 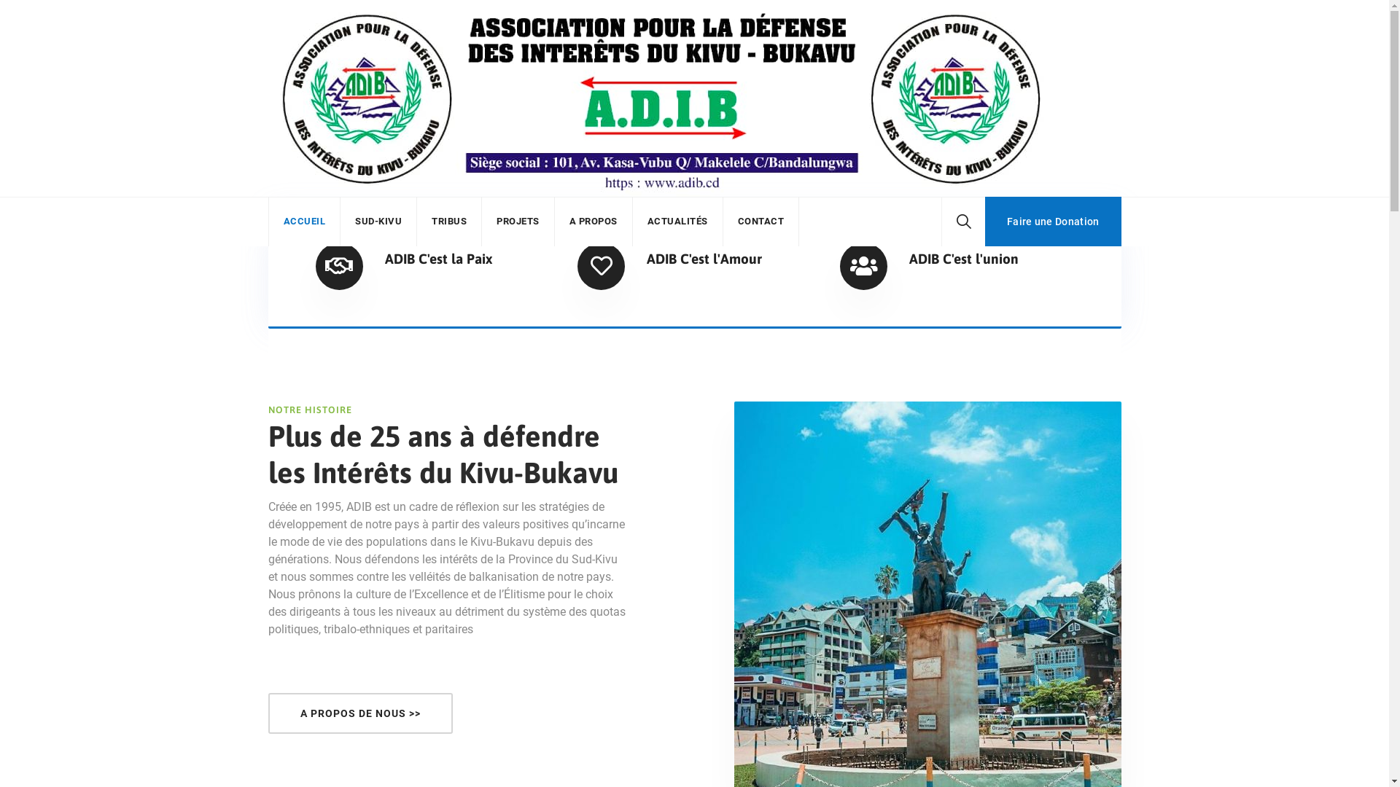 I want to click on 'Faire une Donation', so click(x=1053, y=222).